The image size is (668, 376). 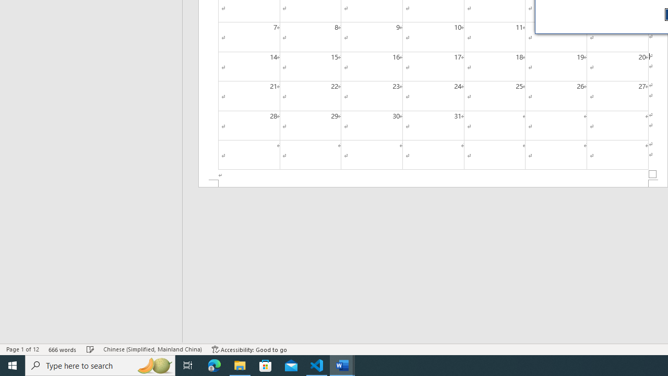 What do you see at coordinates (22, 349) in the screenshot?
I see `'Page Number Page 1 of 12'` at bounding box center [22, 349].